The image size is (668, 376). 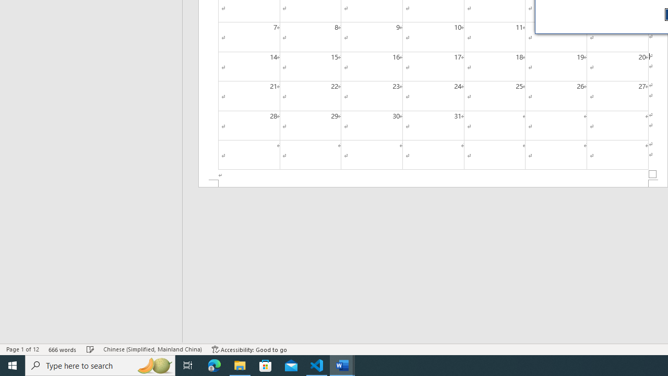 What do you see at coordinates (22, 349) in the screenshot?
I see `'Page Number Page 1 of 12'` at bounding box center [22, 349].